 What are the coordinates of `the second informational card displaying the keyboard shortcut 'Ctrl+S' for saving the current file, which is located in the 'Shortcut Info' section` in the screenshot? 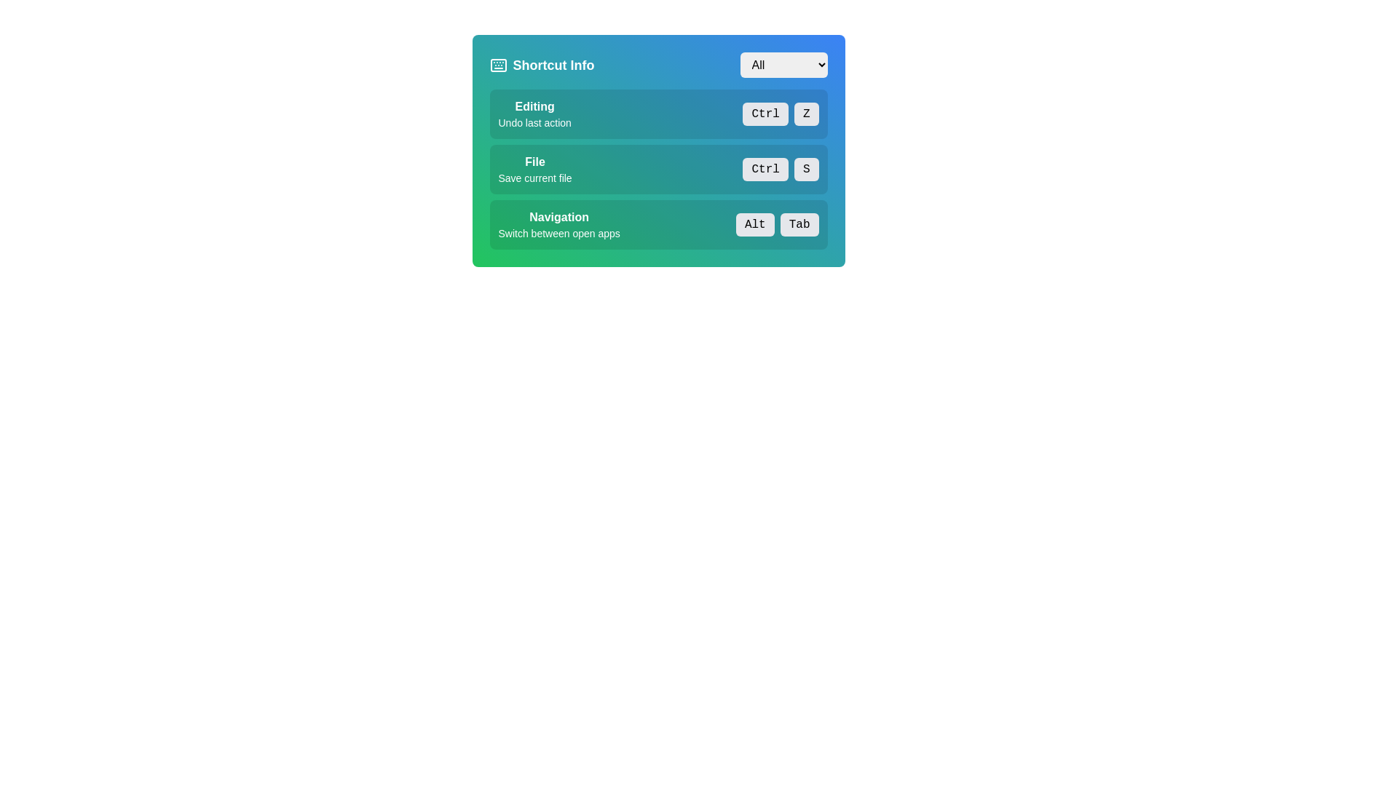 It's located at (657, 168).